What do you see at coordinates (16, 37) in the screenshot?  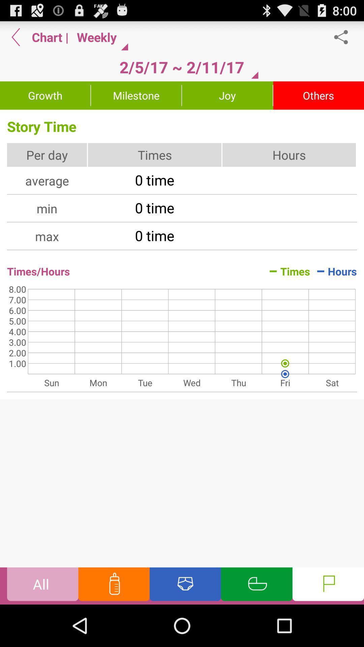 I see `the icon above growth button` at bounding box center [16, 37].